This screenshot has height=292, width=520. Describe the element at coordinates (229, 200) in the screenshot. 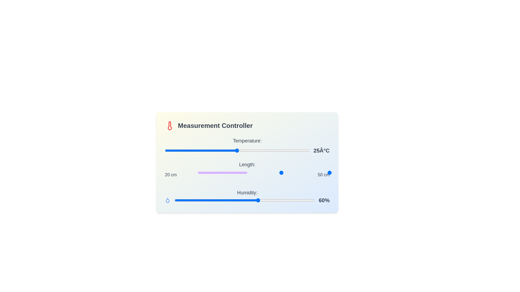

I see `the humidity level` at that location.